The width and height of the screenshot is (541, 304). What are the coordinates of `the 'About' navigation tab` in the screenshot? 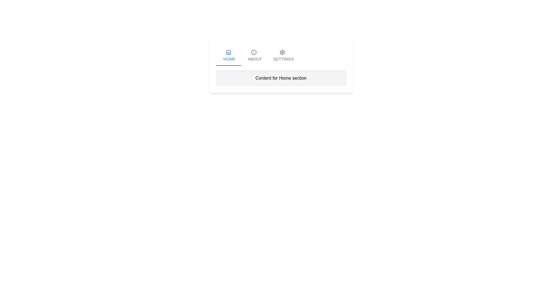 It's located at (253, 55).